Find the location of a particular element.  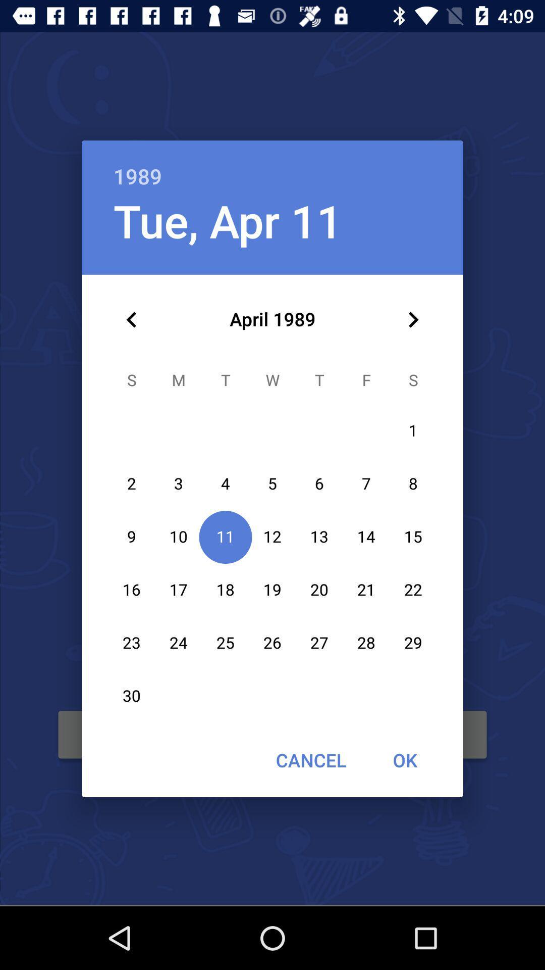

the icon below 1989 icon is located at coordinates (413, 319).